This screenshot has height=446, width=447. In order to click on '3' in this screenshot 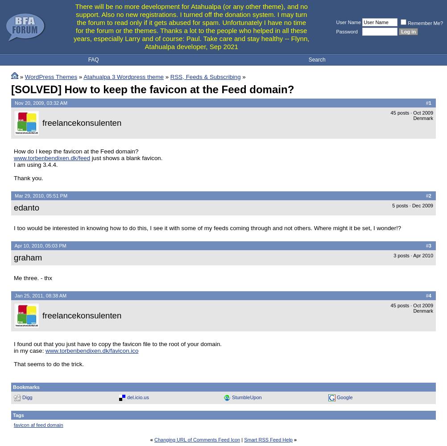, I will do `click(428, 245)`.